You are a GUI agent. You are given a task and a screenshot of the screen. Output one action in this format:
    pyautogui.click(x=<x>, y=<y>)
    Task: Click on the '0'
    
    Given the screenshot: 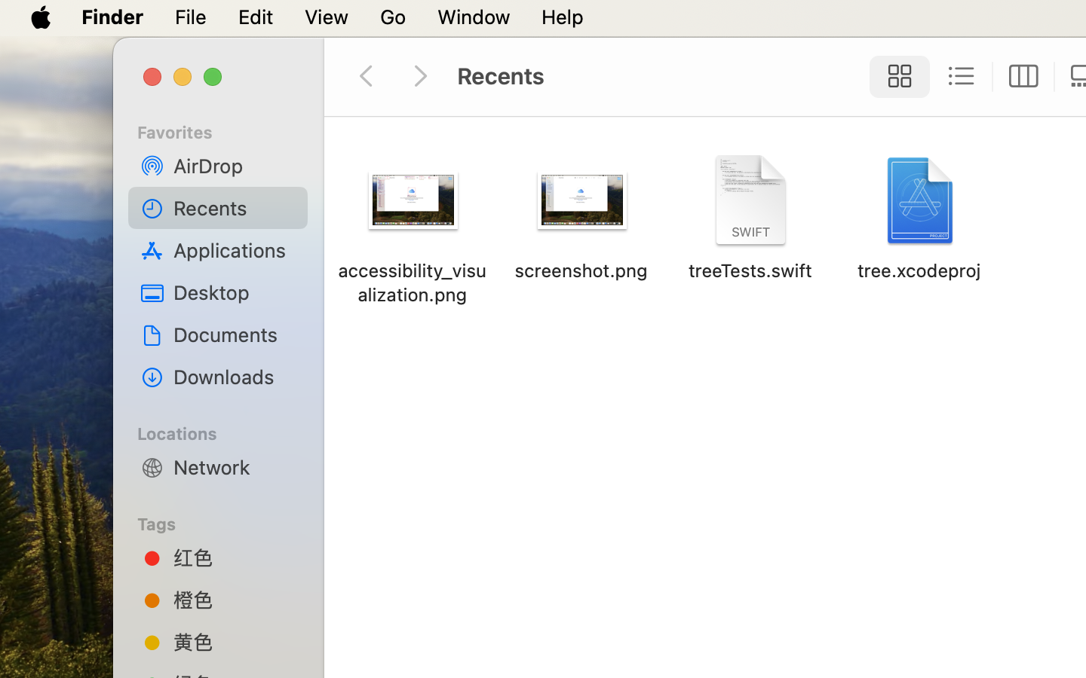 What is the action you would take?
    pyautogui.click(x=1023, y=75)
    